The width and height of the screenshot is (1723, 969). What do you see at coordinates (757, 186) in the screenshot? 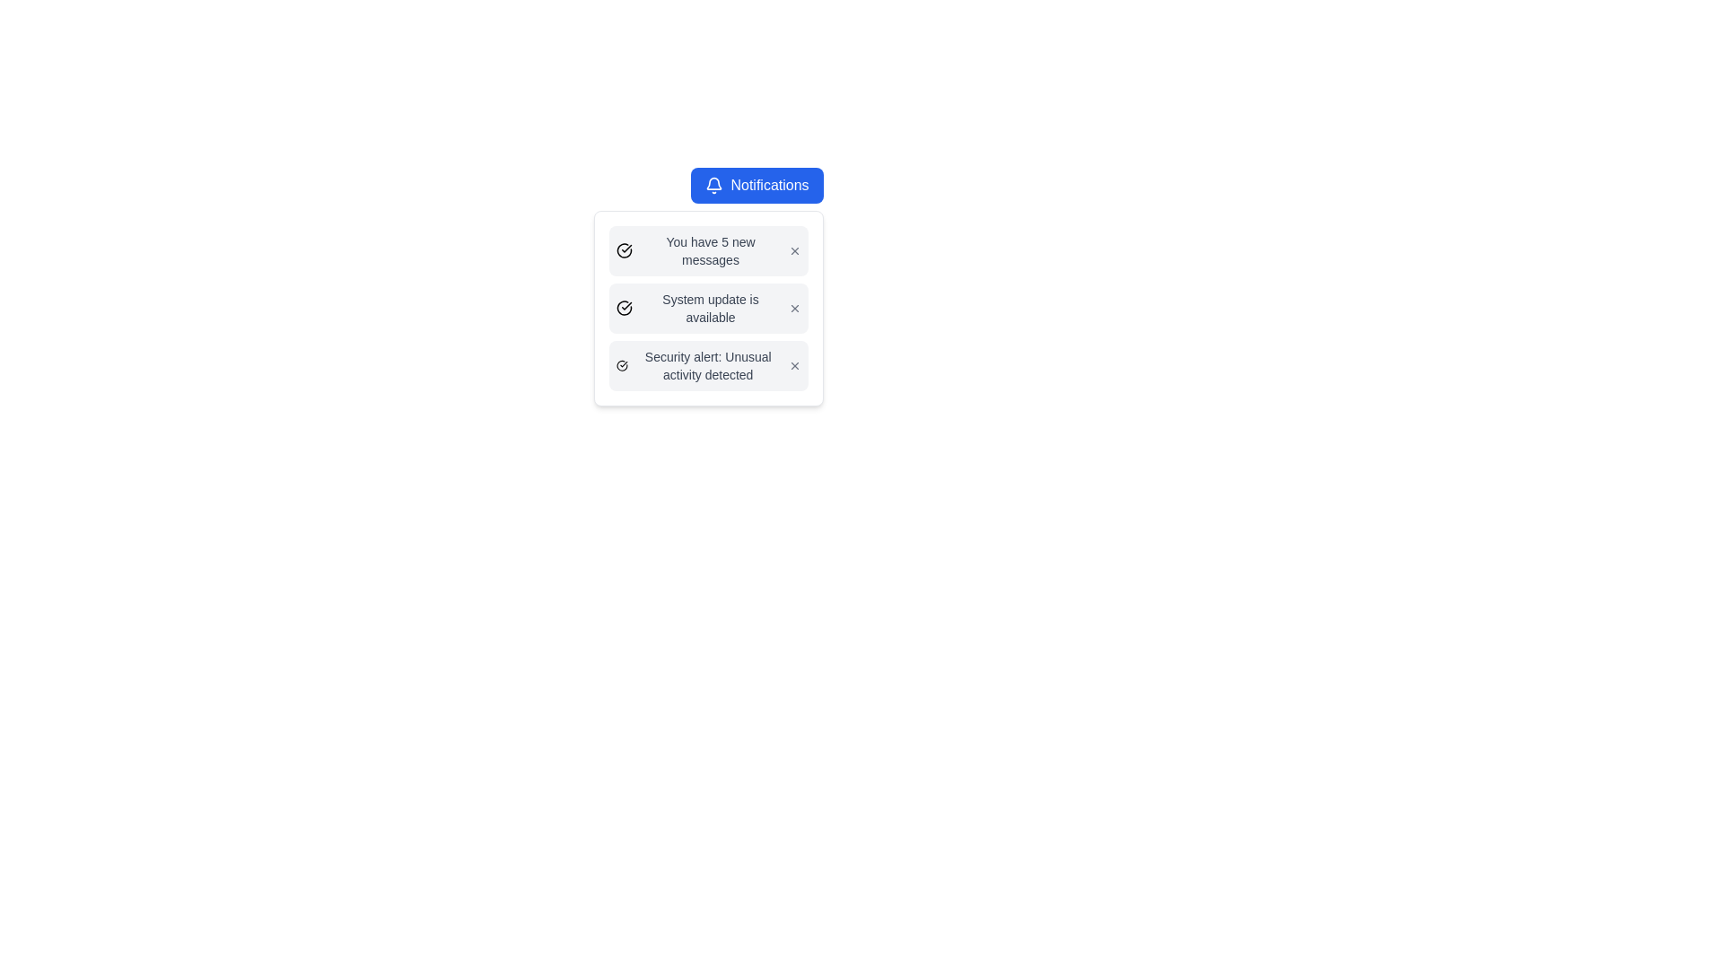
I see `the button located at the top-right corner of the notification card, which serves as the title for the notification section and can toggle the dropdown visibility` at bounding box center [757, 186].